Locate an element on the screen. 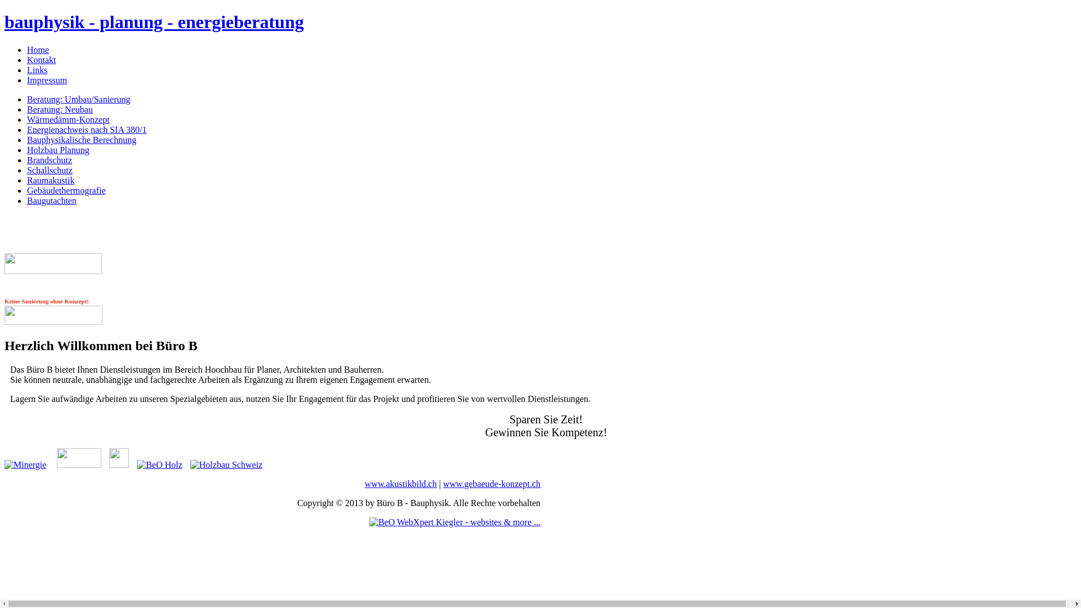  'Raumakustik' is located at coordinates (27, 180).